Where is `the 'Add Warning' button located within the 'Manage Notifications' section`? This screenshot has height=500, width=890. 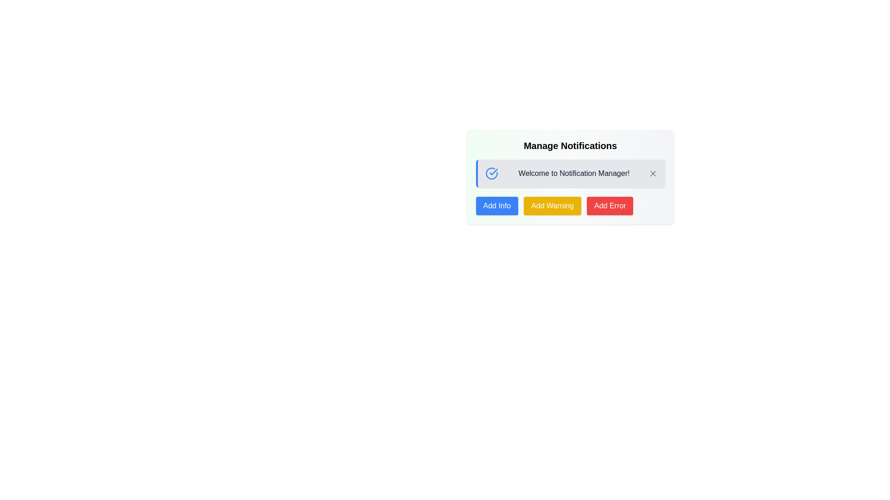
the 'Add Warning' button located within the 'Manage Notifications' section is located at coordinates (570, 205).